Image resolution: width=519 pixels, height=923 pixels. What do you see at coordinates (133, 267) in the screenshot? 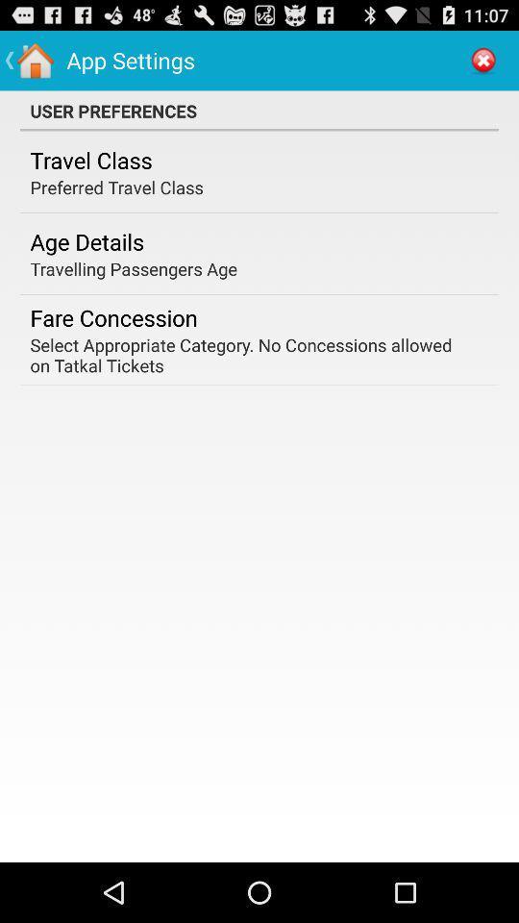
I see `item above the fare concession item` at bounding box center [133, 267].